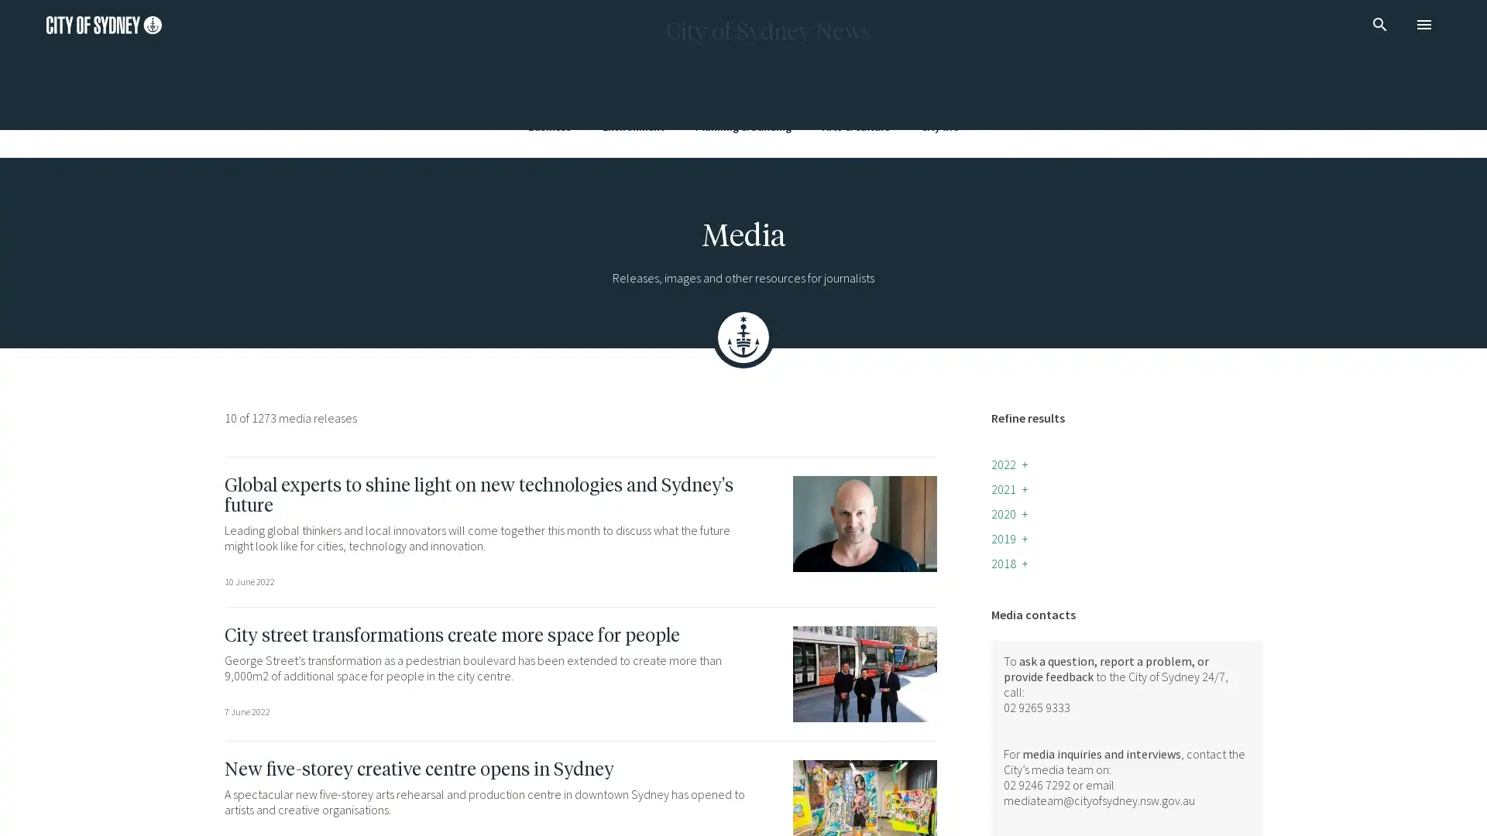 Image resolution: width=1487 pixels, height=836 pixels. What do you see at coordinates (1009, 489) in the screenshot?
I see `2021+` at bounding box center [1009, 489].